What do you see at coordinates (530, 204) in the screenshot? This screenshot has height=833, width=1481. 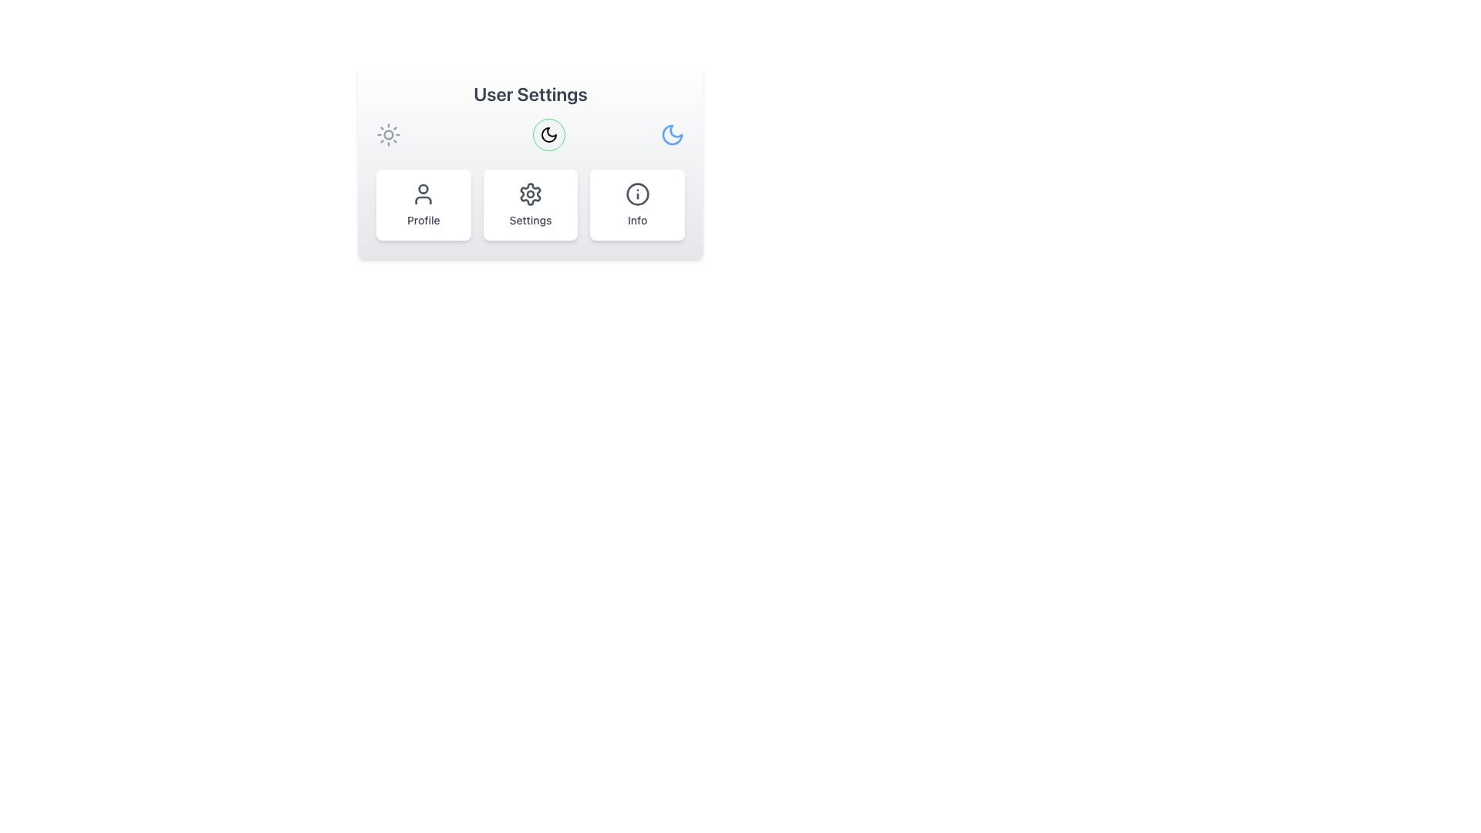 I see `the 'Settings' button, which is a rectangular card with a white background, shadow effect, and a gear icon at the top` at bounding box center [530, 204].